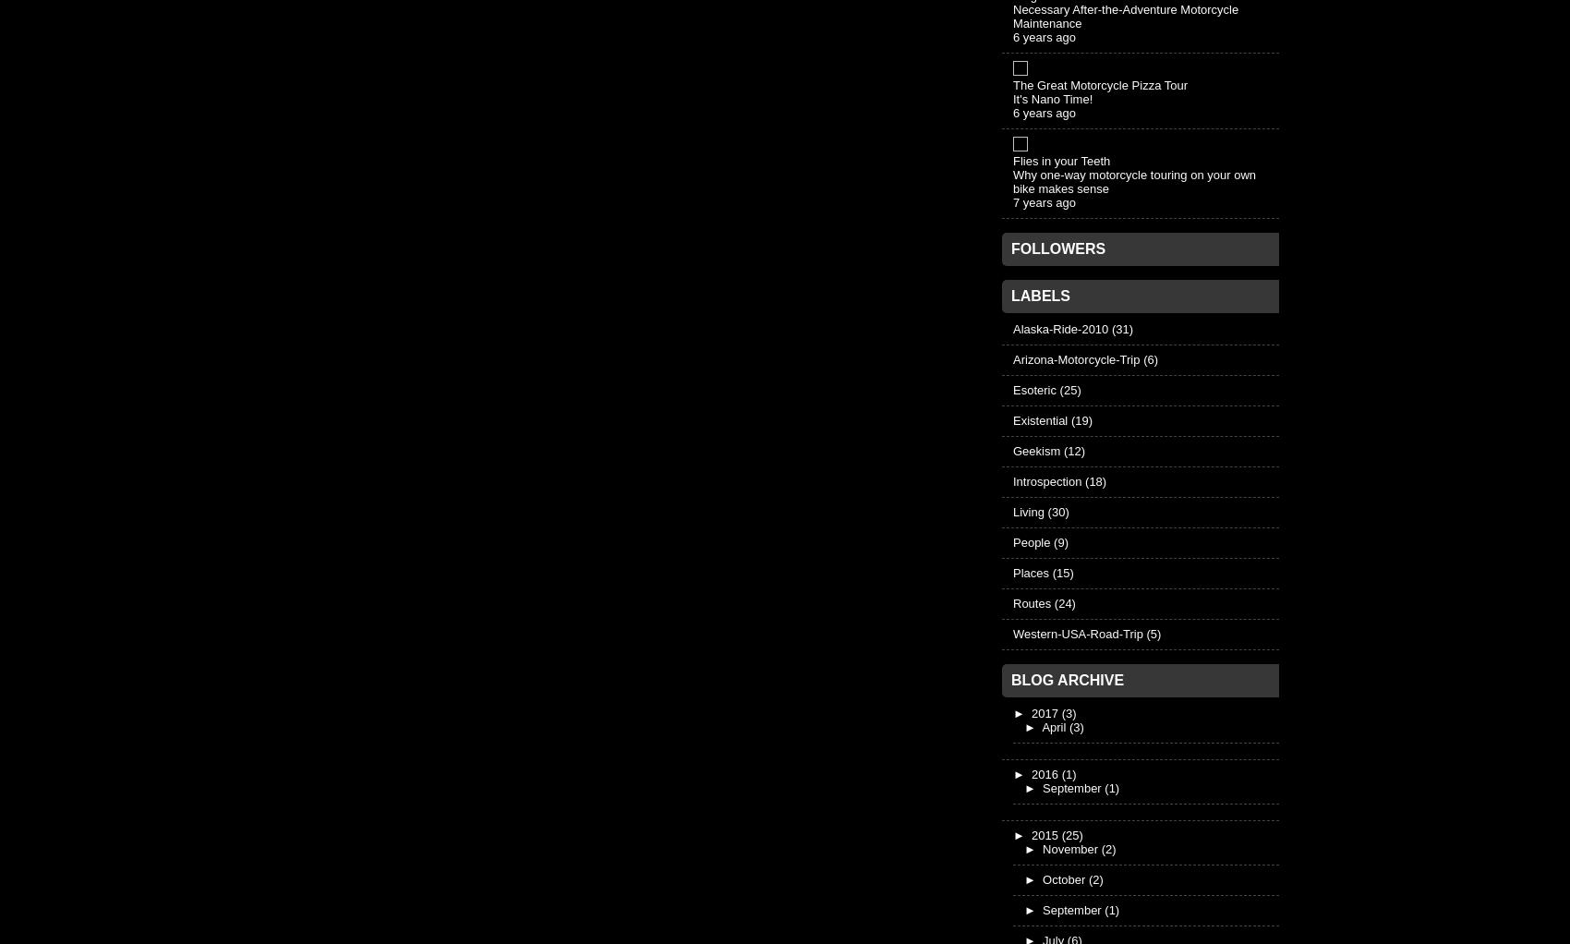 The height and width of the screenshot is (944, 1570). Describe the element at coordinates (1152, 632) in the screenshot. I see `'(5)'` at that location.